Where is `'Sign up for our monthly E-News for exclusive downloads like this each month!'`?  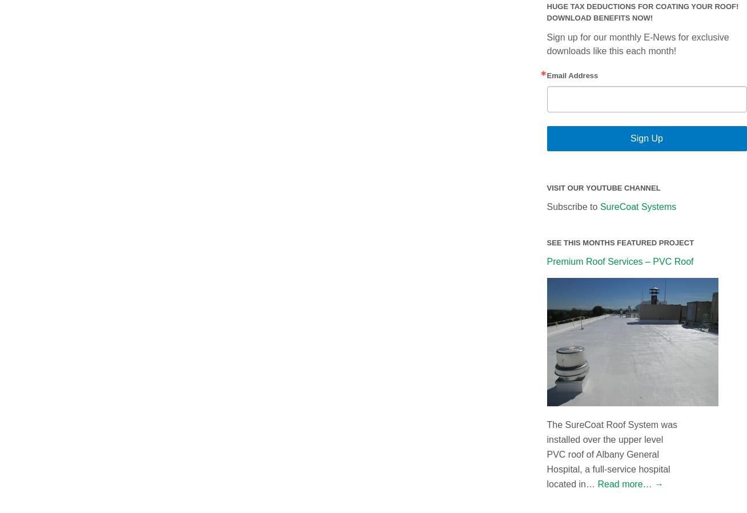
'Sign up for our monthly E-News for exclusive downloads like this each month!' is located at coordinates (637, 43).